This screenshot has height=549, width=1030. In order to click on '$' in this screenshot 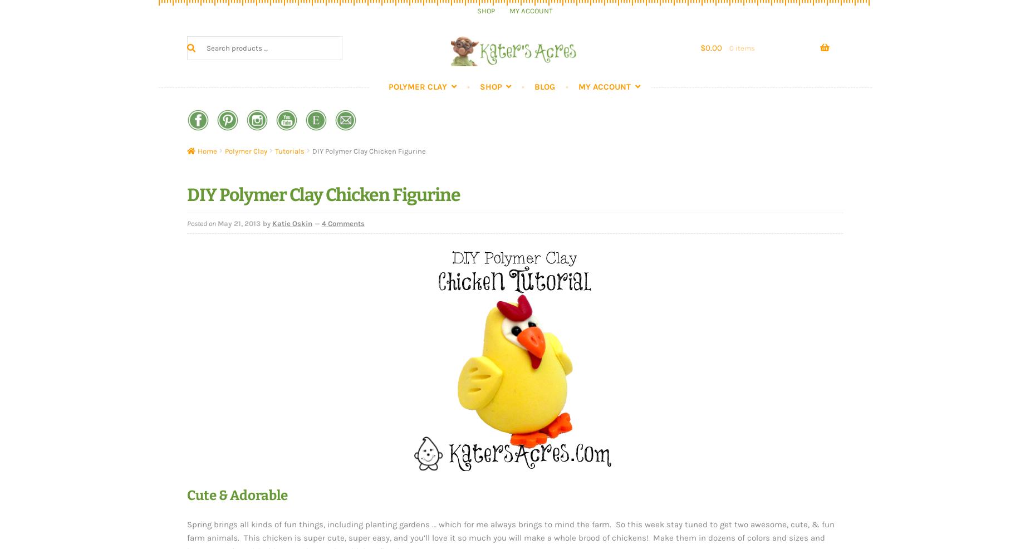, I will do `click(702, 47)`.